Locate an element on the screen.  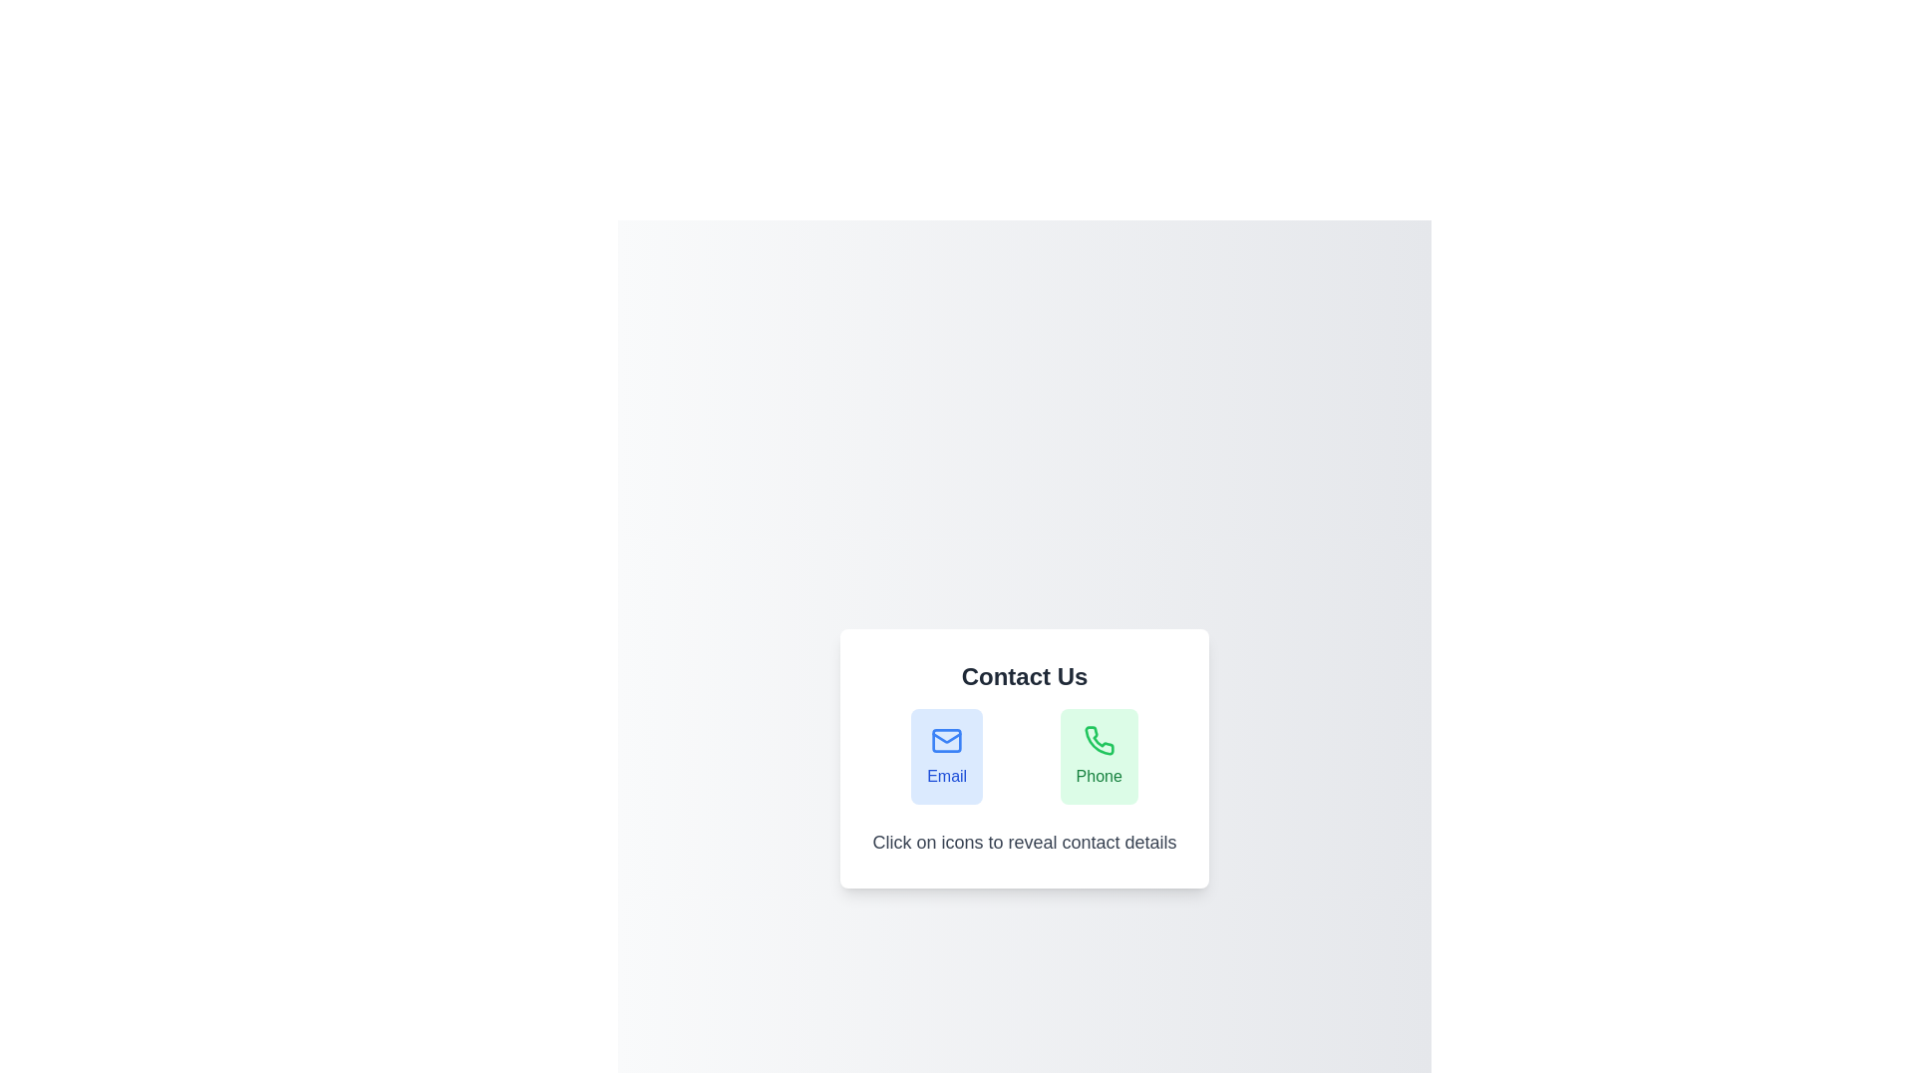
the SVG icon labeled 'Email' located within a light blue rounded rectangular box is located at coordinates (946, 741).